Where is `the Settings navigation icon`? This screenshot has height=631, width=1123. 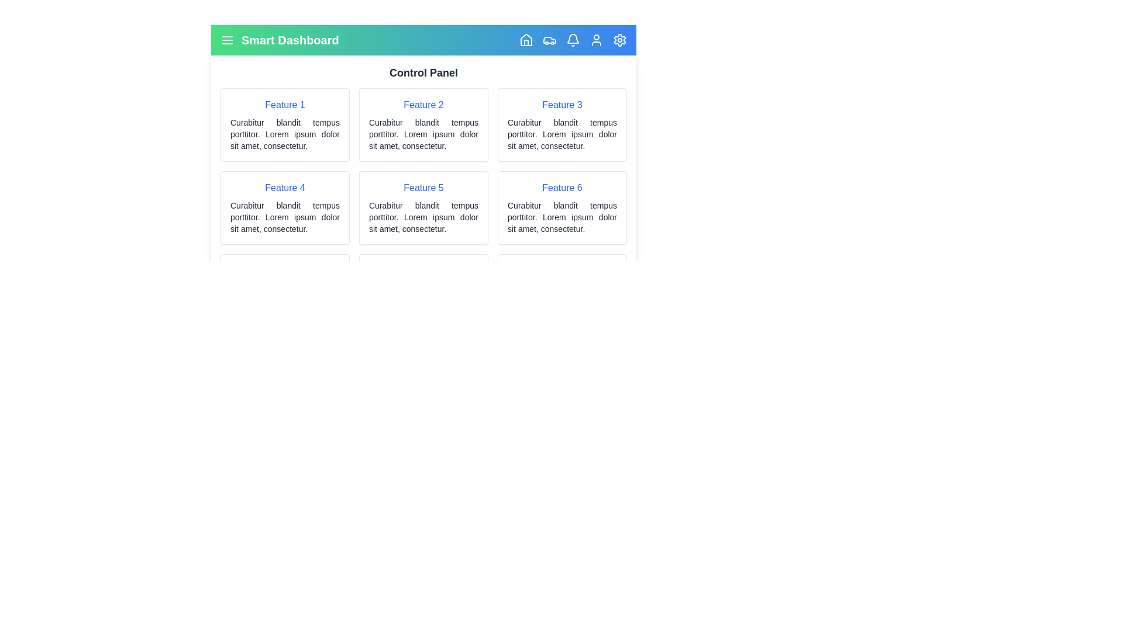 the Settings navigation icon is located at coordinates (619, 40).